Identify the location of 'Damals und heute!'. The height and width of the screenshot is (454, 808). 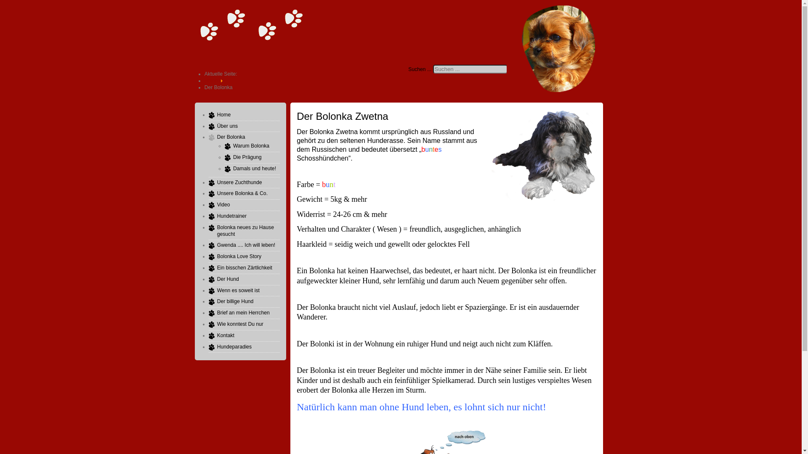
(254, 169).